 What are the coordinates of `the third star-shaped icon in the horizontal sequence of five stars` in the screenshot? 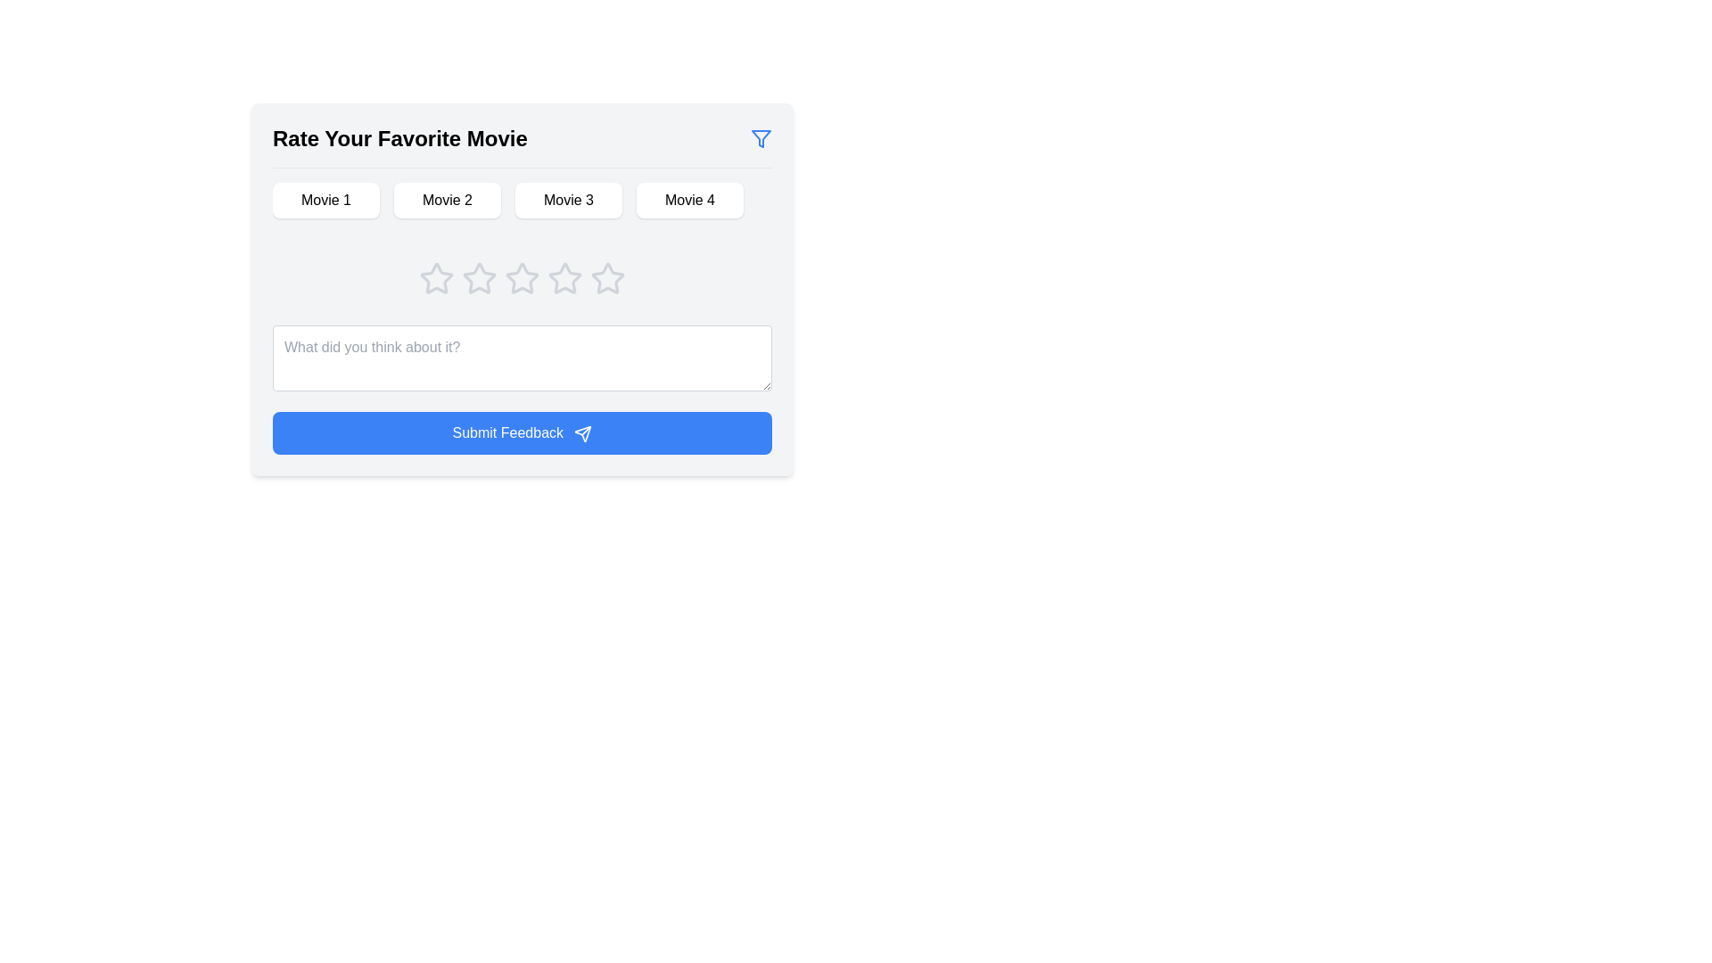 It's located at (521, 288).